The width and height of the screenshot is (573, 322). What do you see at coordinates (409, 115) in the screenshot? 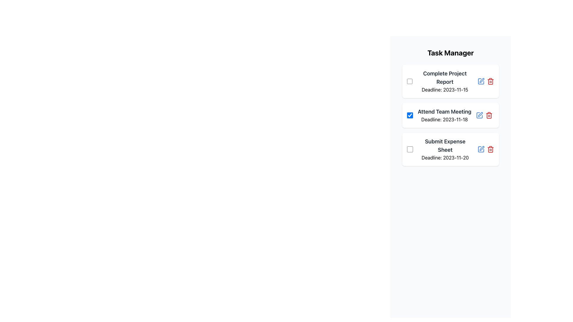
I see `the checkbox` at bounding box center [409, 115].